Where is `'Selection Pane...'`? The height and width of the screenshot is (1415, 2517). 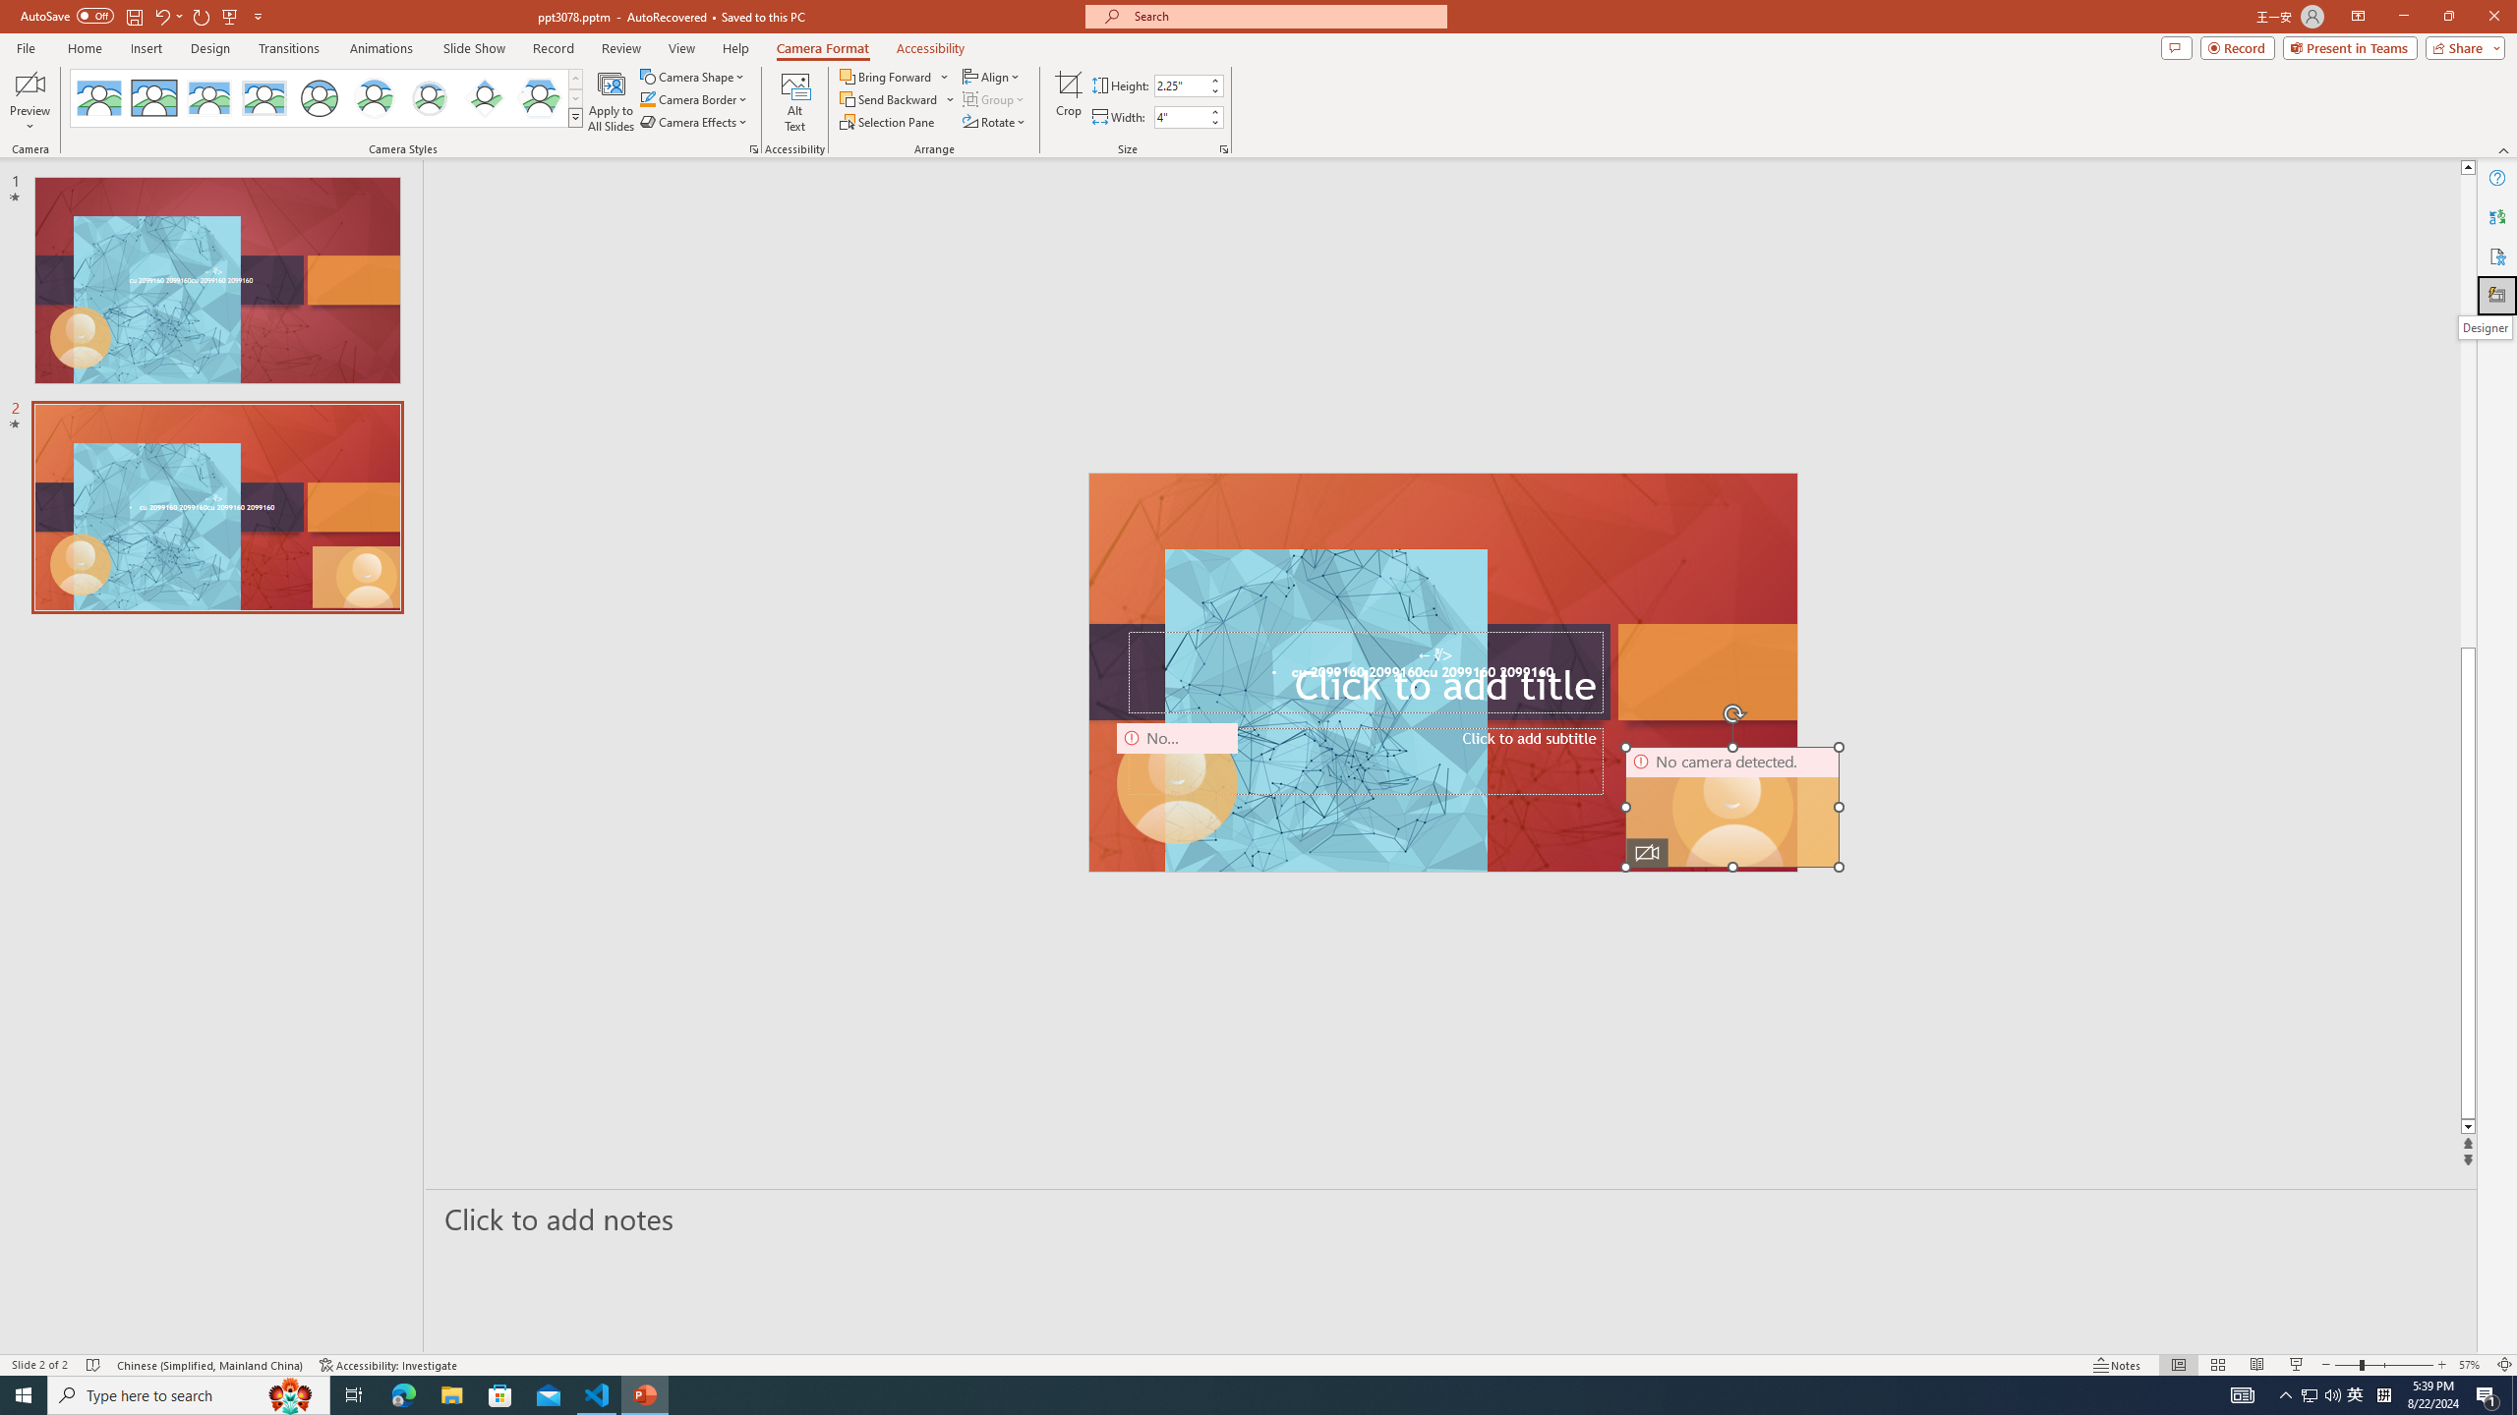
'Selection Pane...' is located at coordinates (887, 120).